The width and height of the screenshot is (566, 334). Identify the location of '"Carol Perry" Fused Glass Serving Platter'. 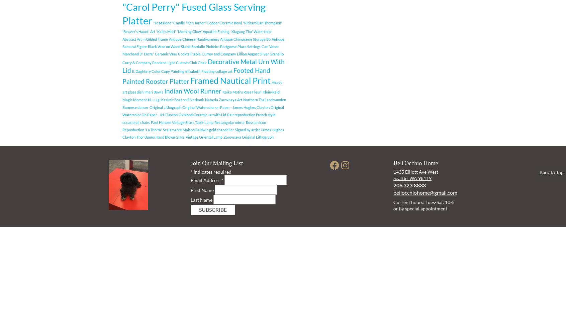
(194, 14).